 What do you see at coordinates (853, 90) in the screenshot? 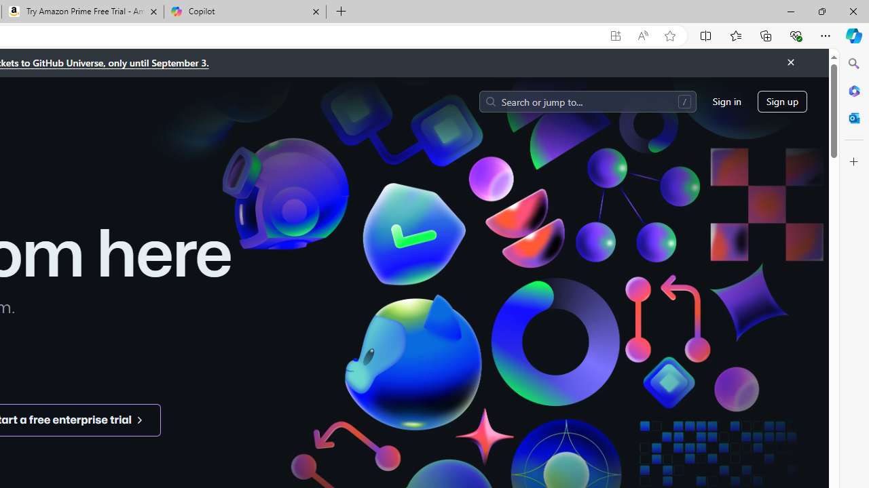
I see `'Microsoft 365'` at bounding box center [853, 90].